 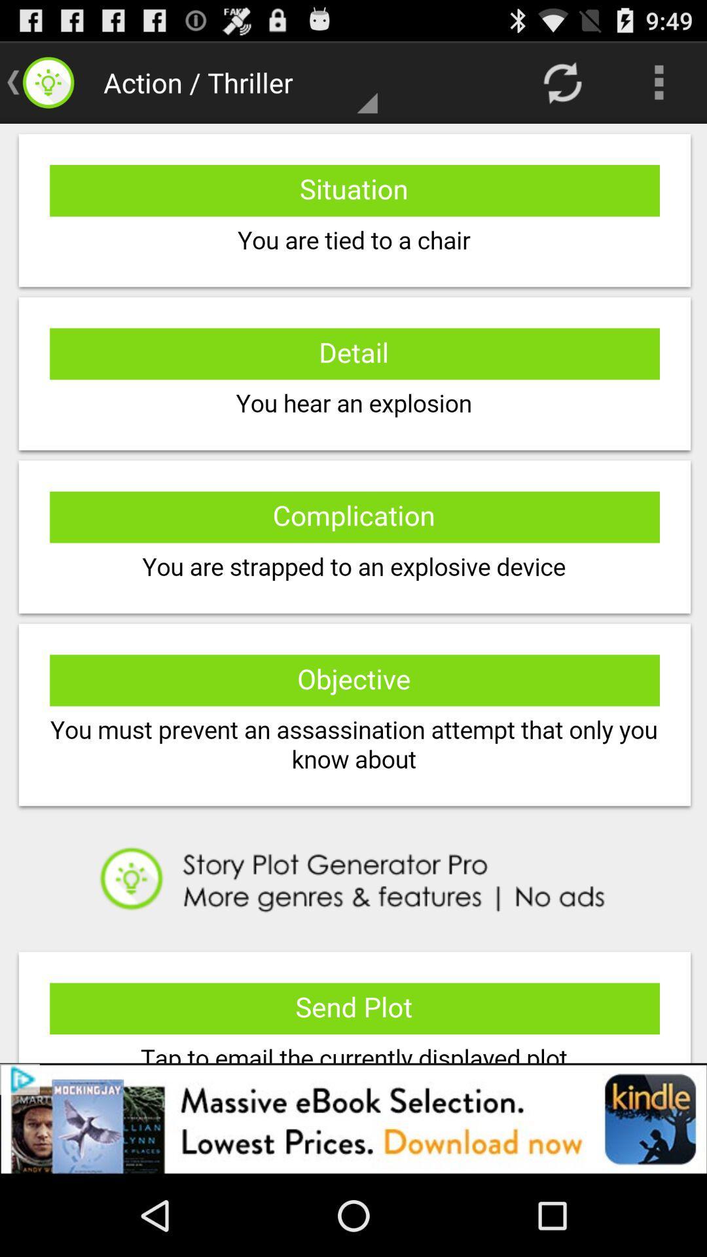 What do you see at coordinates (353, 592) in the screenshot?
I see `multiple options` at bounding box center [353, 592].